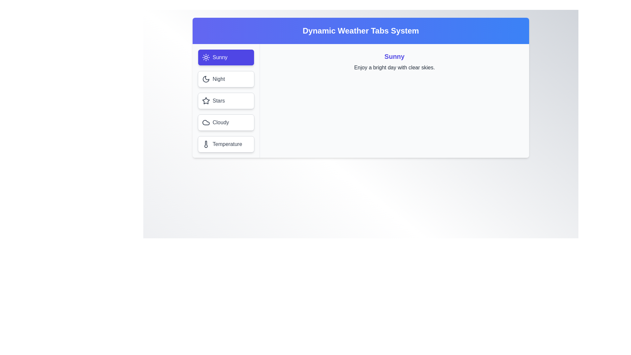 The height and width of the screenshot is (355, 631). Describe the element at coordinates (226, 57) in the screenshot. I see `the Sunny tab` at that location.